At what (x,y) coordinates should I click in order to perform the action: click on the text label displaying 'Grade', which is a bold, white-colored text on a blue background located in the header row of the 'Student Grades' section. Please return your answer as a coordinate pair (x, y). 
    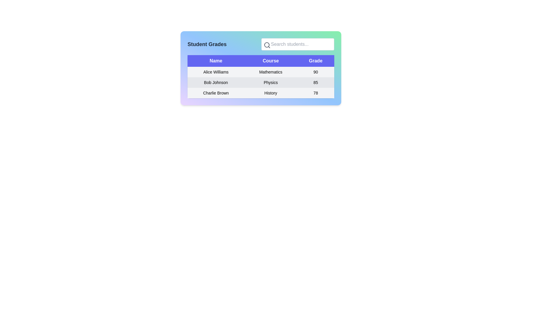
    Looking at the image, I should click on (315, 61).